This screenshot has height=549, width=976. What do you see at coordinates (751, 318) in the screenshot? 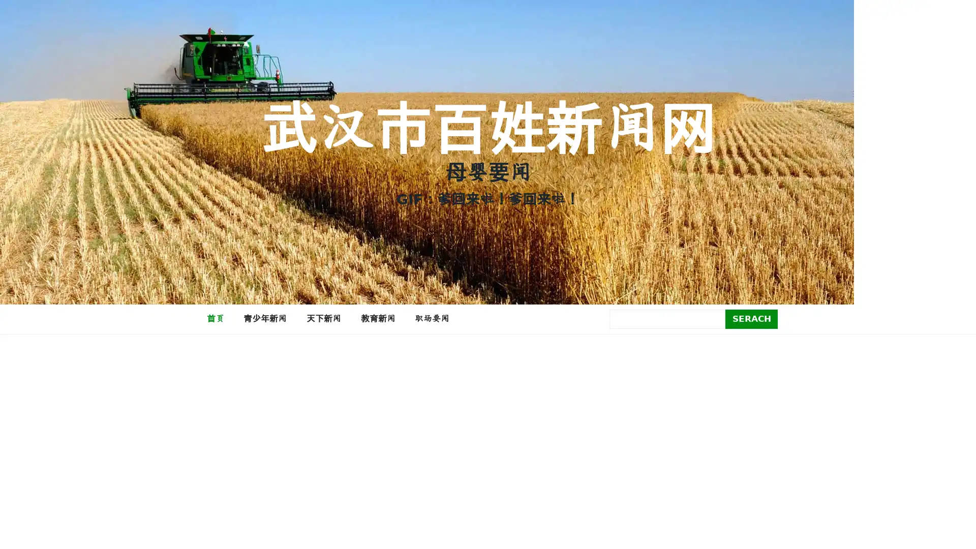
I see `serach` at bounding box center [751, 318].